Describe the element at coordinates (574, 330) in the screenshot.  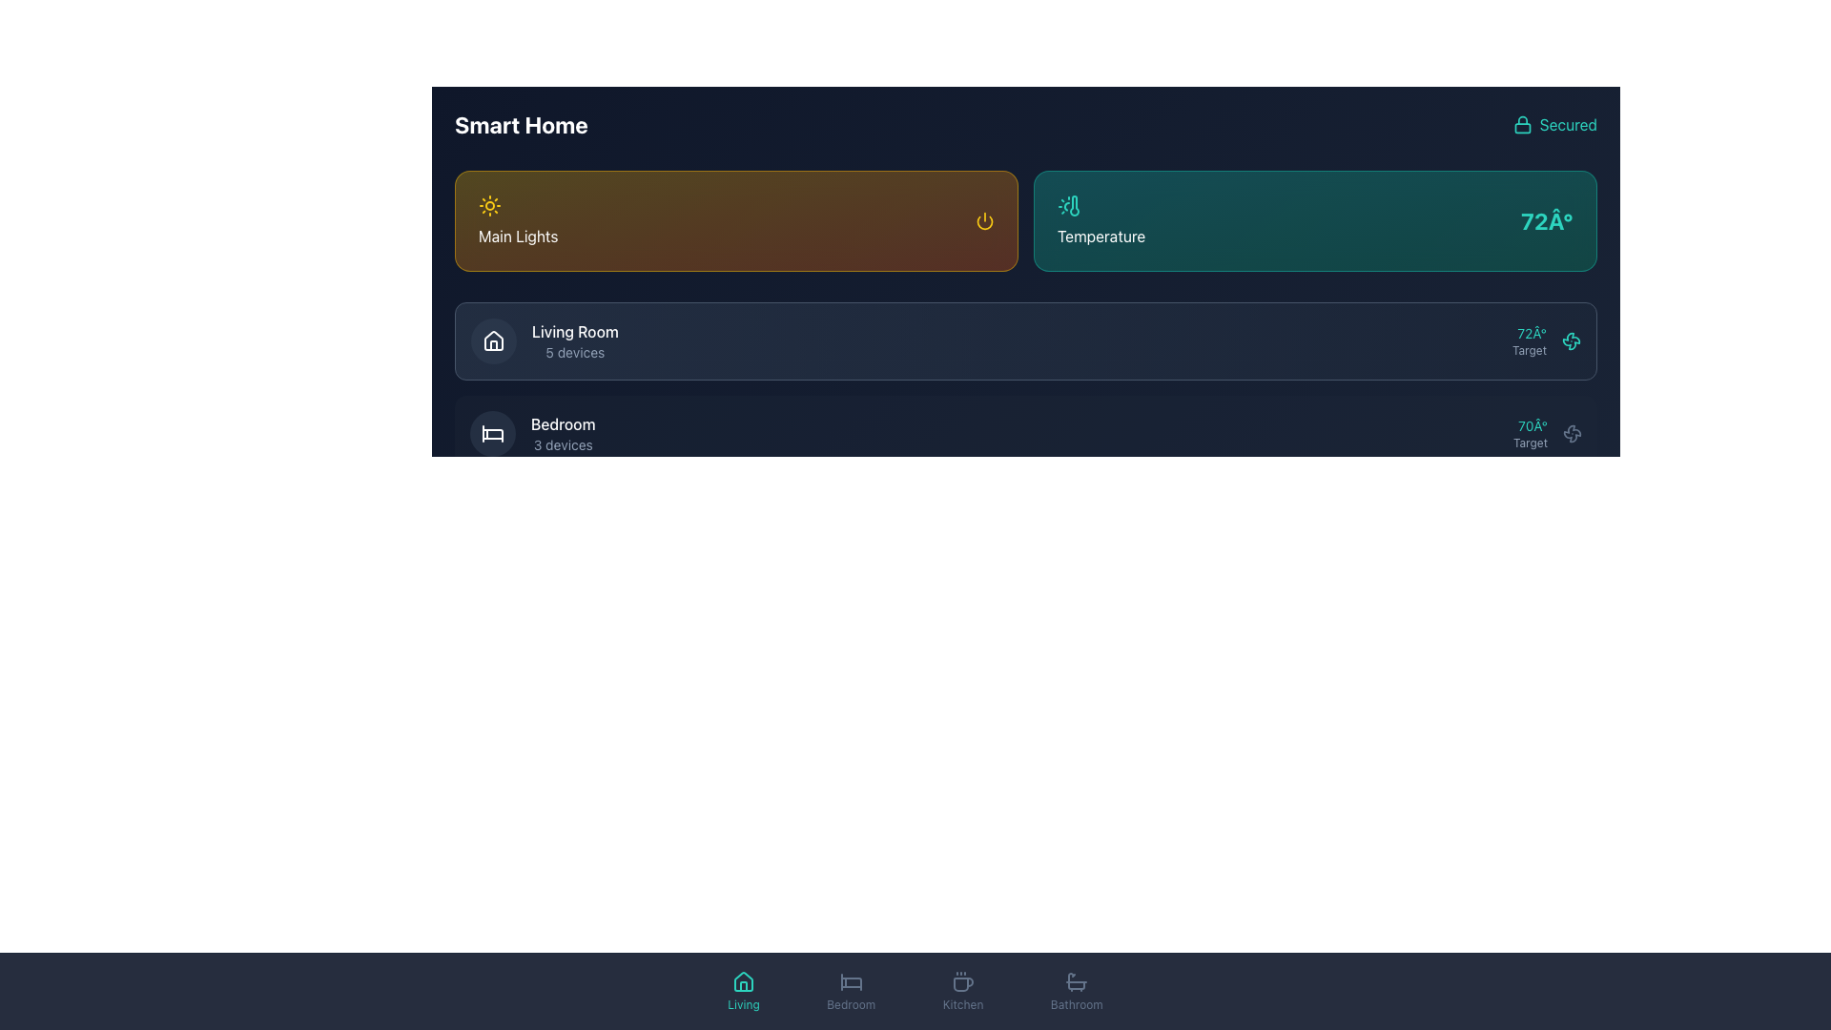
I see `the 'Living Room' text label, which is displayed in white on a dark background, located within the panel labeled 'Living Room 5 devices'` at that location.